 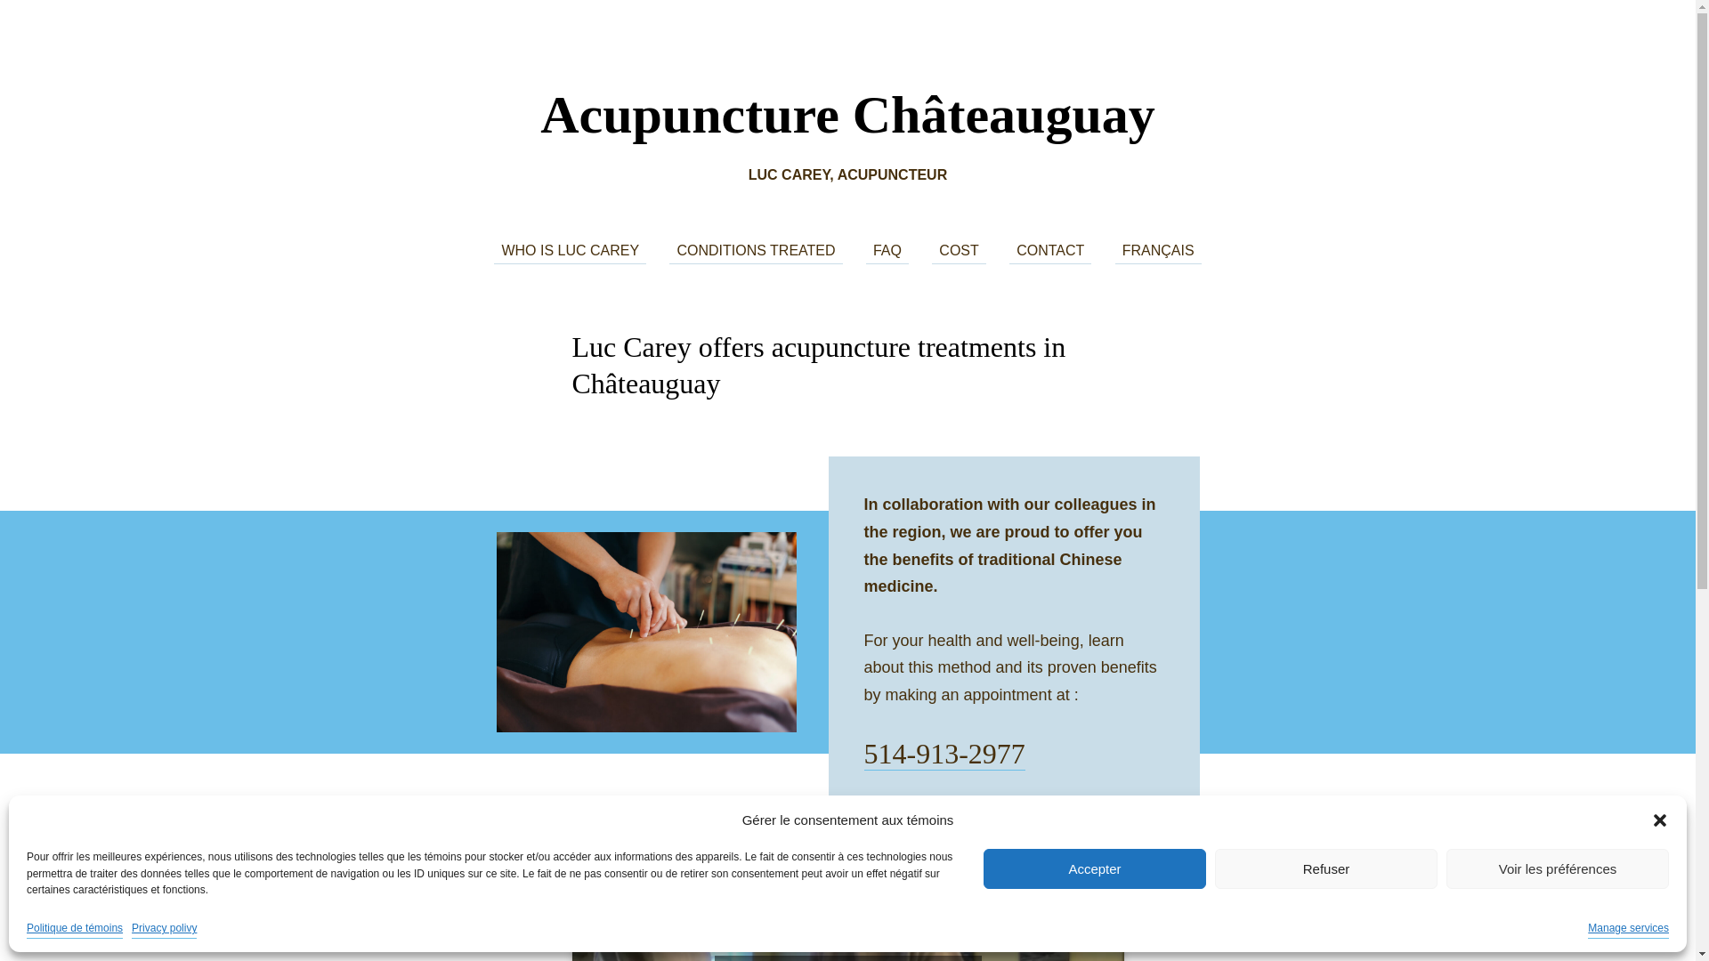 I want to click on 'COST', so click(x=957, y=250).